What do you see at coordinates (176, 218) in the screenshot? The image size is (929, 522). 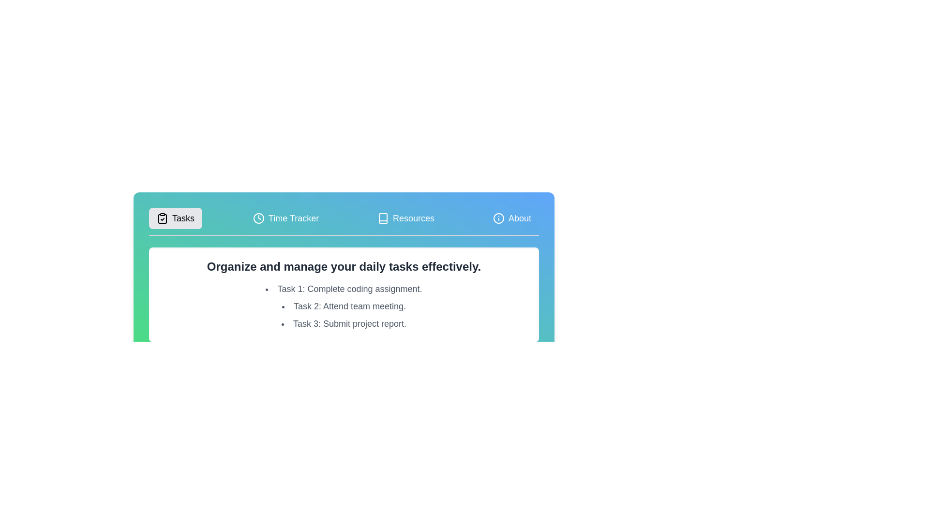 I see `the tab labeled Tasks` at bounding box center [176, 218].